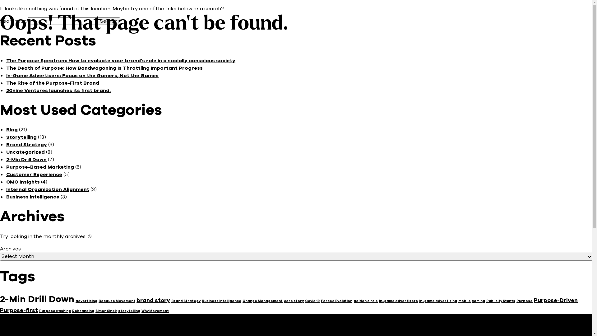 This screenshot has height=336, width=597. I want to click on 'Simon Sinek', so click(106, 311).